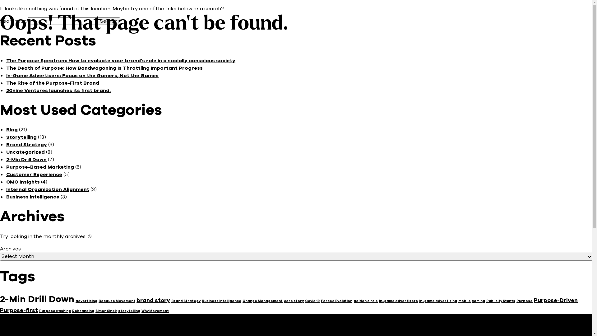 This screenshot has height=336, width=597. I want to click on 'Simon Sinek', so click(106, 311).